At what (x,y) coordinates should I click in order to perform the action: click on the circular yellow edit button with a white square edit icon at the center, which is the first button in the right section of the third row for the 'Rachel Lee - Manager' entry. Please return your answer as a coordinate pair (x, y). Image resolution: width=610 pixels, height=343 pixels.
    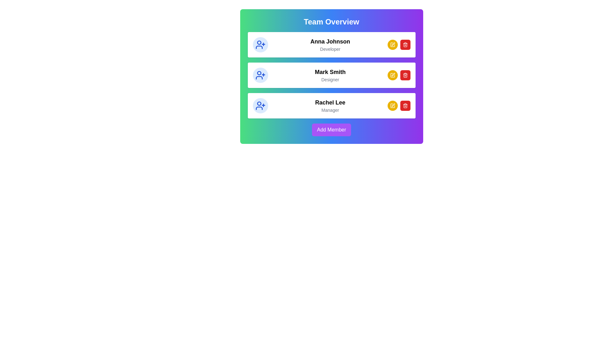
    Looking at the image, I should click on (392, 105).